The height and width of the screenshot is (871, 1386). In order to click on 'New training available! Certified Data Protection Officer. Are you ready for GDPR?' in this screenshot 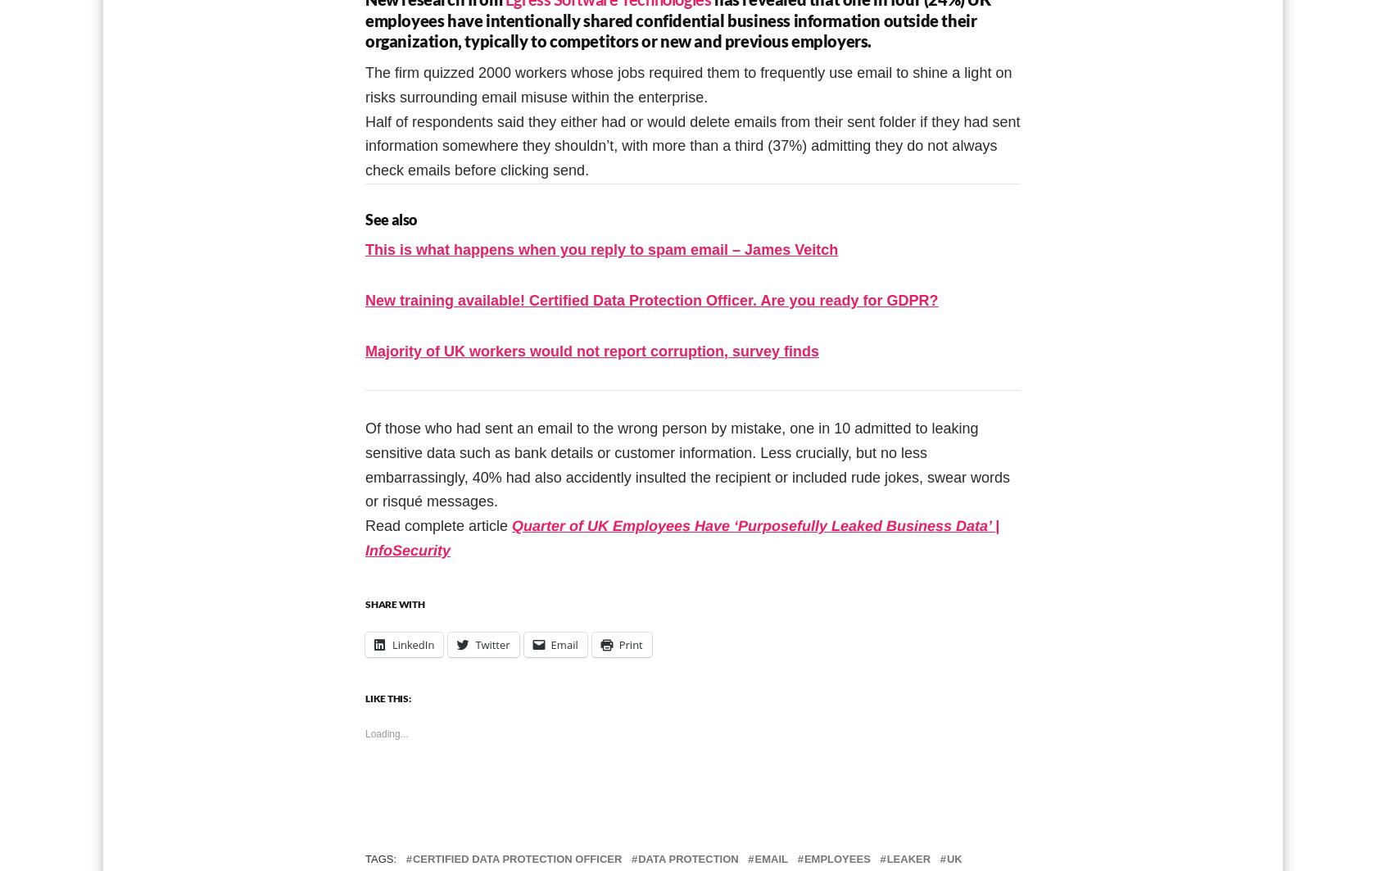, I will do `click(651, 299)`.